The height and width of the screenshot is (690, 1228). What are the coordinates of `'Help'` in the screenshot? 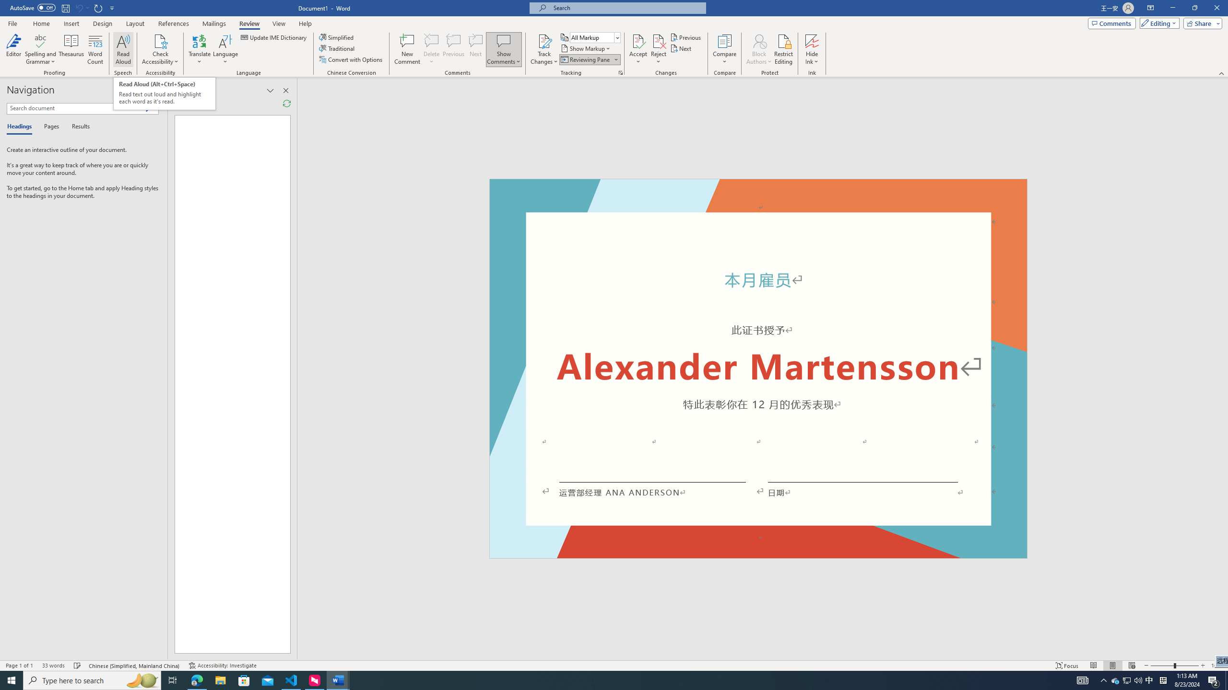 It's located at (305, 23).